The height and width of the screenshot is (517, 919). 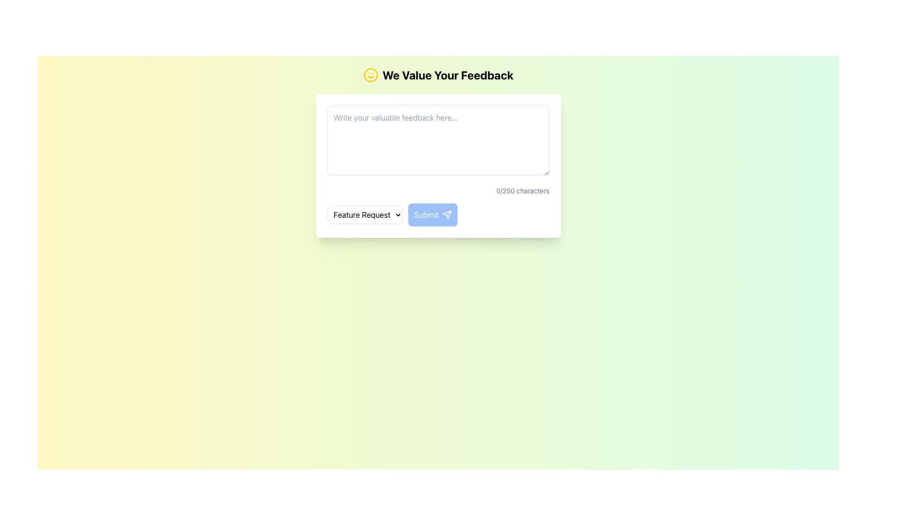 I want to click on the paper airplane icon located within the 'Submit' button, which is styled in an outline format with a blue foreground color, so click(x=447, y=214).